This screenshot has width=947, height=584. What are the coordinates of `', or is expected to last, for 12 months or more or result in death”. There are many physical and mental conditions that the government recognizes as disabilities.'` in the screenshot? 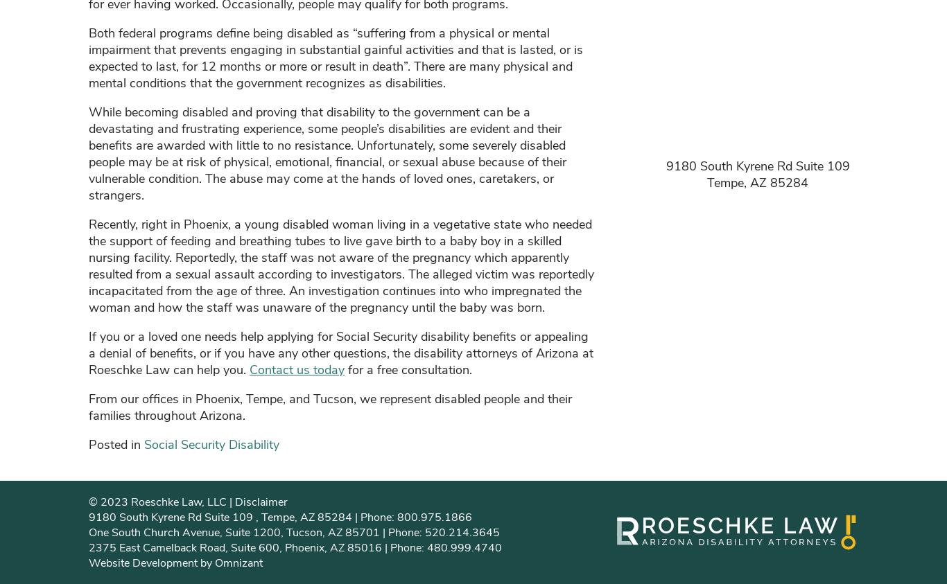 It's located at (336, 65).